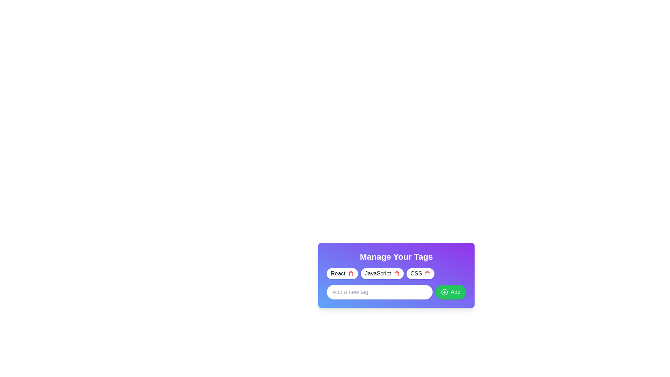 The width and height of the screenshot is (670, 377). I want to click on the trash icon of the 'CSS' tag, which is a pill-shaped tag with bold black text on a white background, so click(420, 273).